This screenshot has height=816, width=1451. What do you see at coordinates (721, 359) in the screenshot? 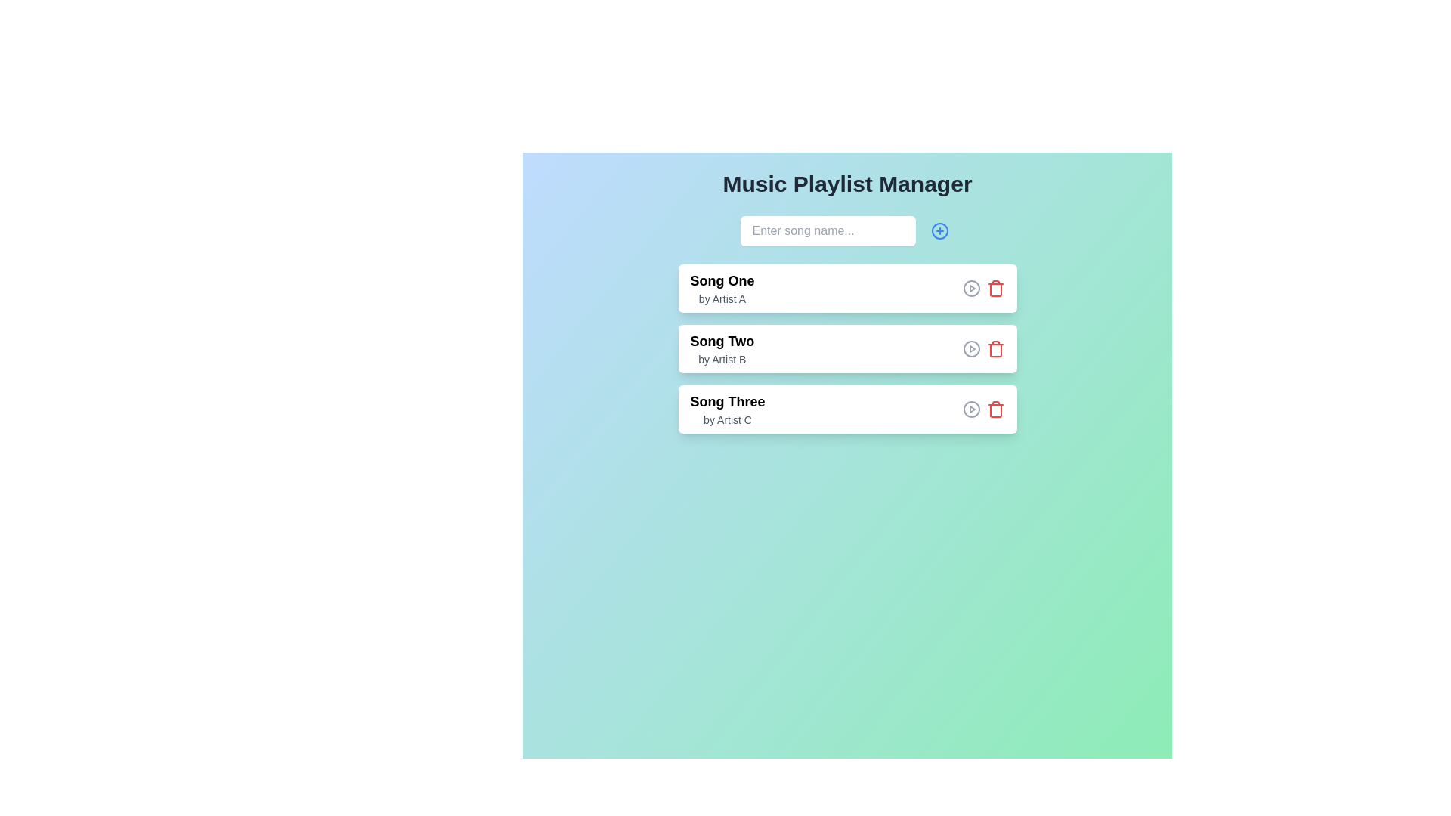
I see `the text label stating 'by Artist B', which is styled with a small-sized, gray-colored font and positioned below the song title 'Song Two' in the Music Playlist Manager interface` at bounding box center [721, 359].